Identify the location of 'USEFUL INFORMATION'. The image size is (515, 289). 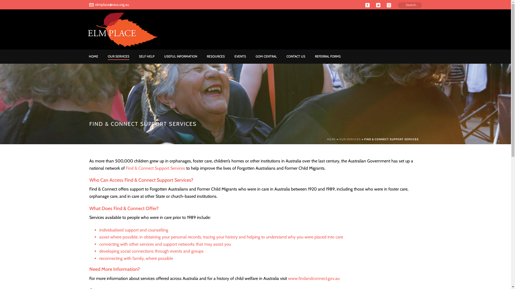
(181, 56).